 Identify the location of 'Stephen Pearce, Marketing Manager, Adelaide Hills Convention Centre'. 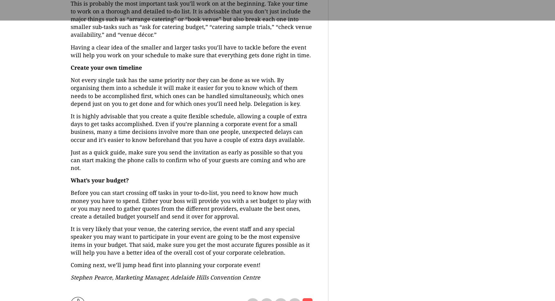
(165, 277).